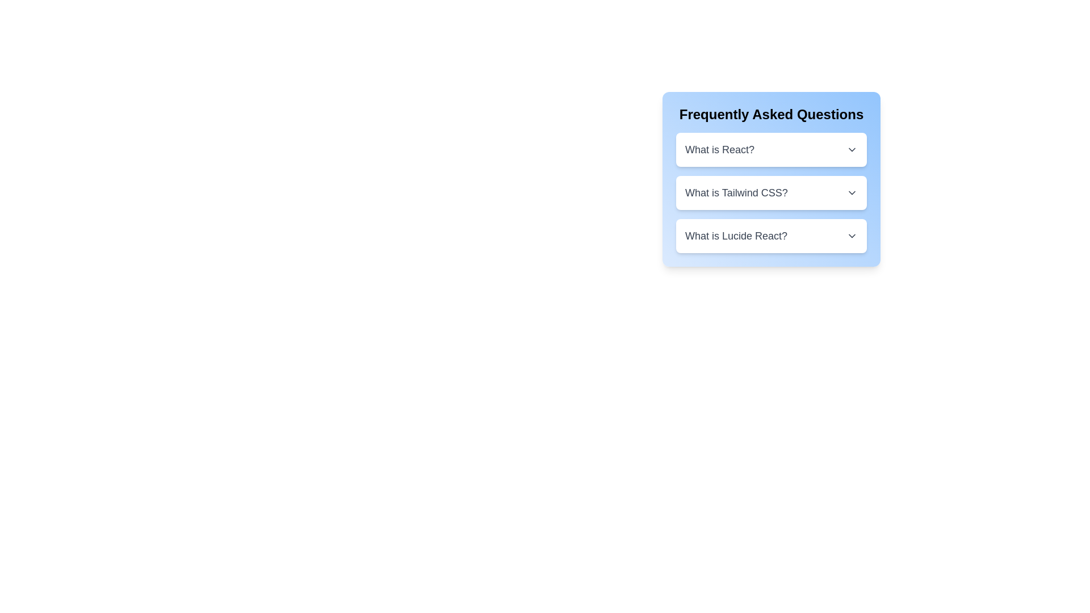  What do you see at coordinates (852, 149) in the screenshot?
I see `the chevron icon indicating the expandability of the 'What is React?' question` at bounding box center [852, 149].